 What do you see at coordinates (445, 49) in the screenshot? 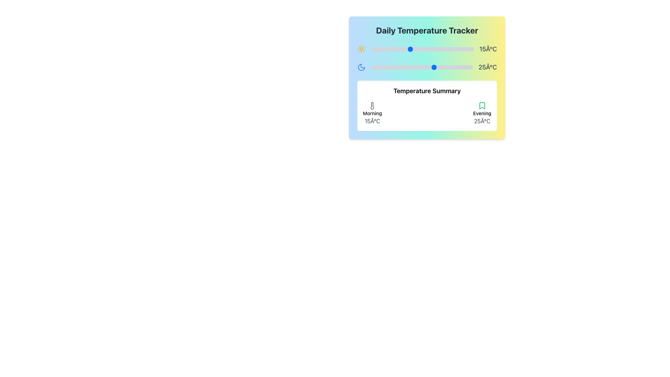
I see `the temperature slider` at bounding box center [445, 49].